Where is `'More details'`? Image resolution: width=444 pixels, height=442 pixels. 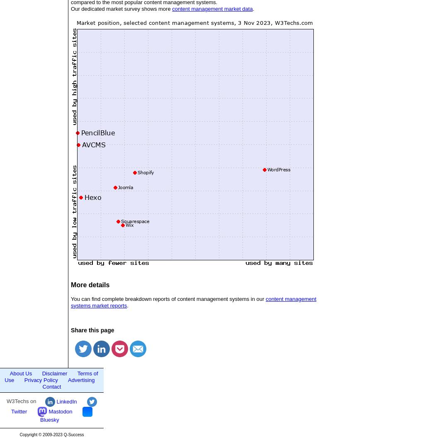
'More details' is located at coordinates (90, 284).